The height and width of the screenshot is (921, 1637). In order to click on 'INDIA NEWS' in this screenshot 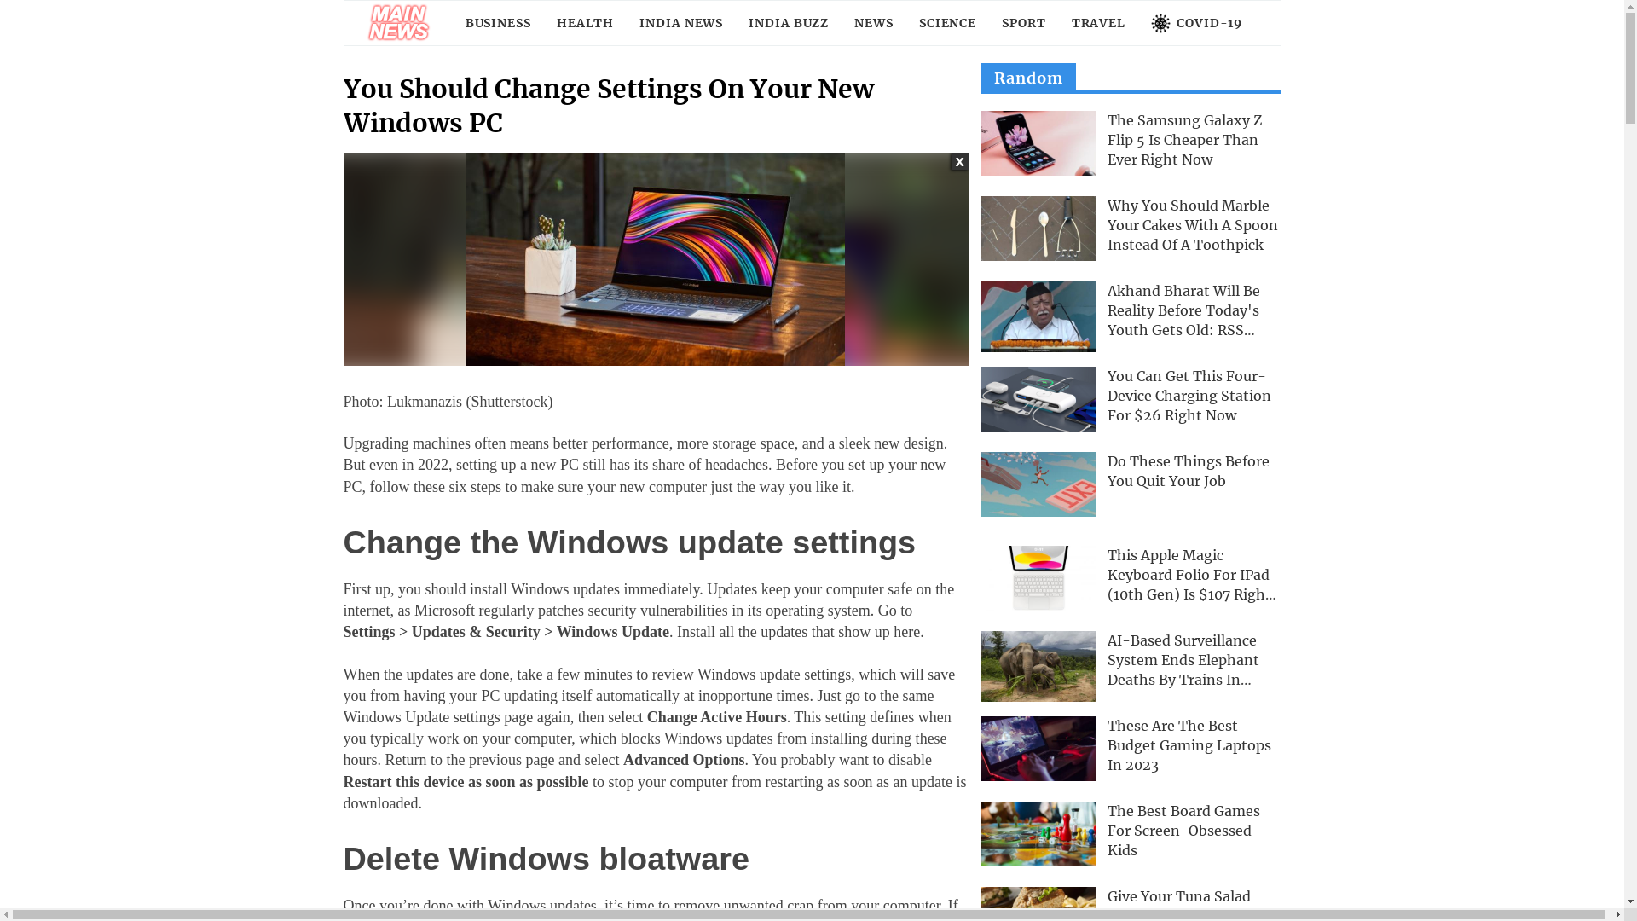, I will do `click(680, 23)`.